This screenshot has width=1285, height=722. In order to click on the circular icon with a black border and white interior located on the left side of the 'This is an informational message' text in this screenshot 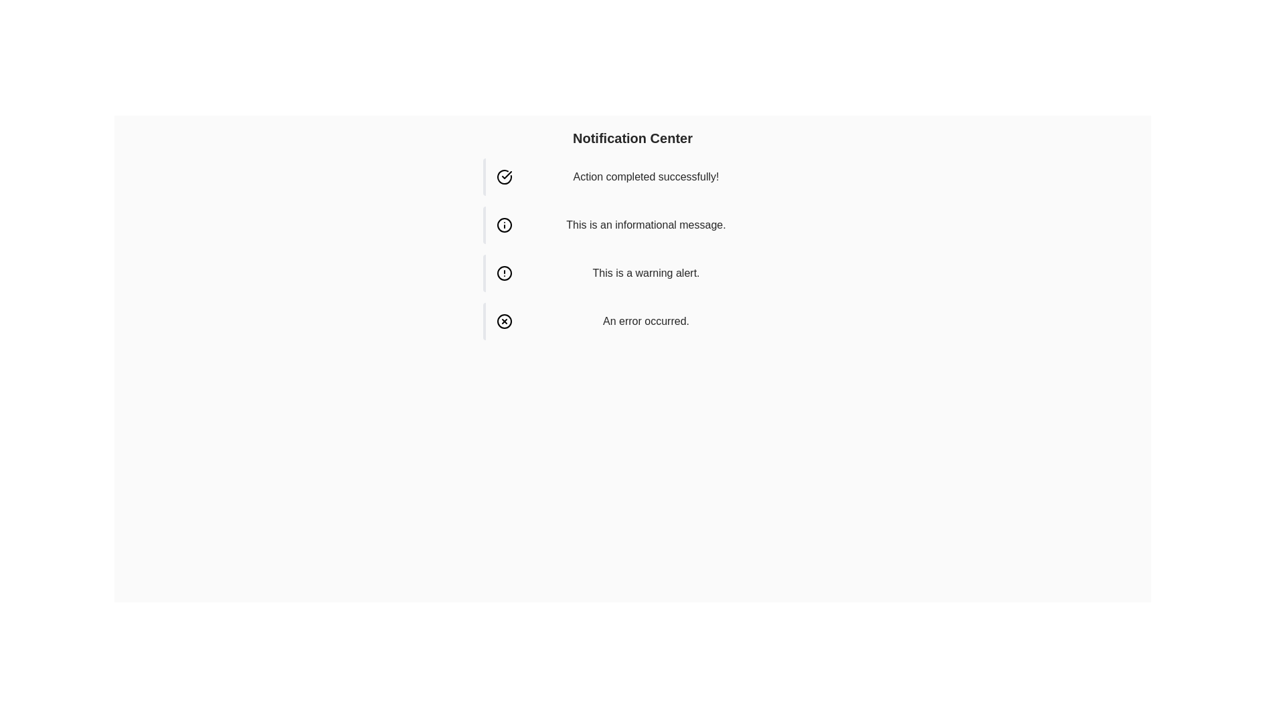, I will do `click(503, 224)`.